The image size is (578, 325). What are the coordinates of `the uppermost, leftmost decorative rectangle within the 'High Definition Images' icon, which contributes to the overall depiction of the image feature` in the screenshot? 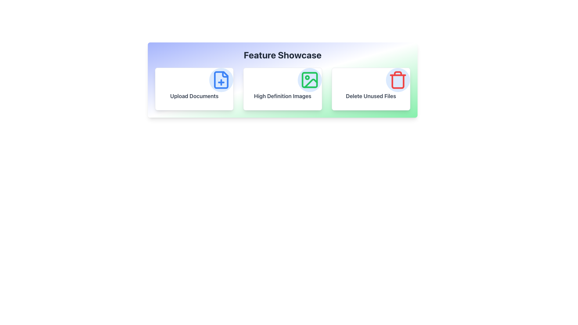 It's located at (309, 80).